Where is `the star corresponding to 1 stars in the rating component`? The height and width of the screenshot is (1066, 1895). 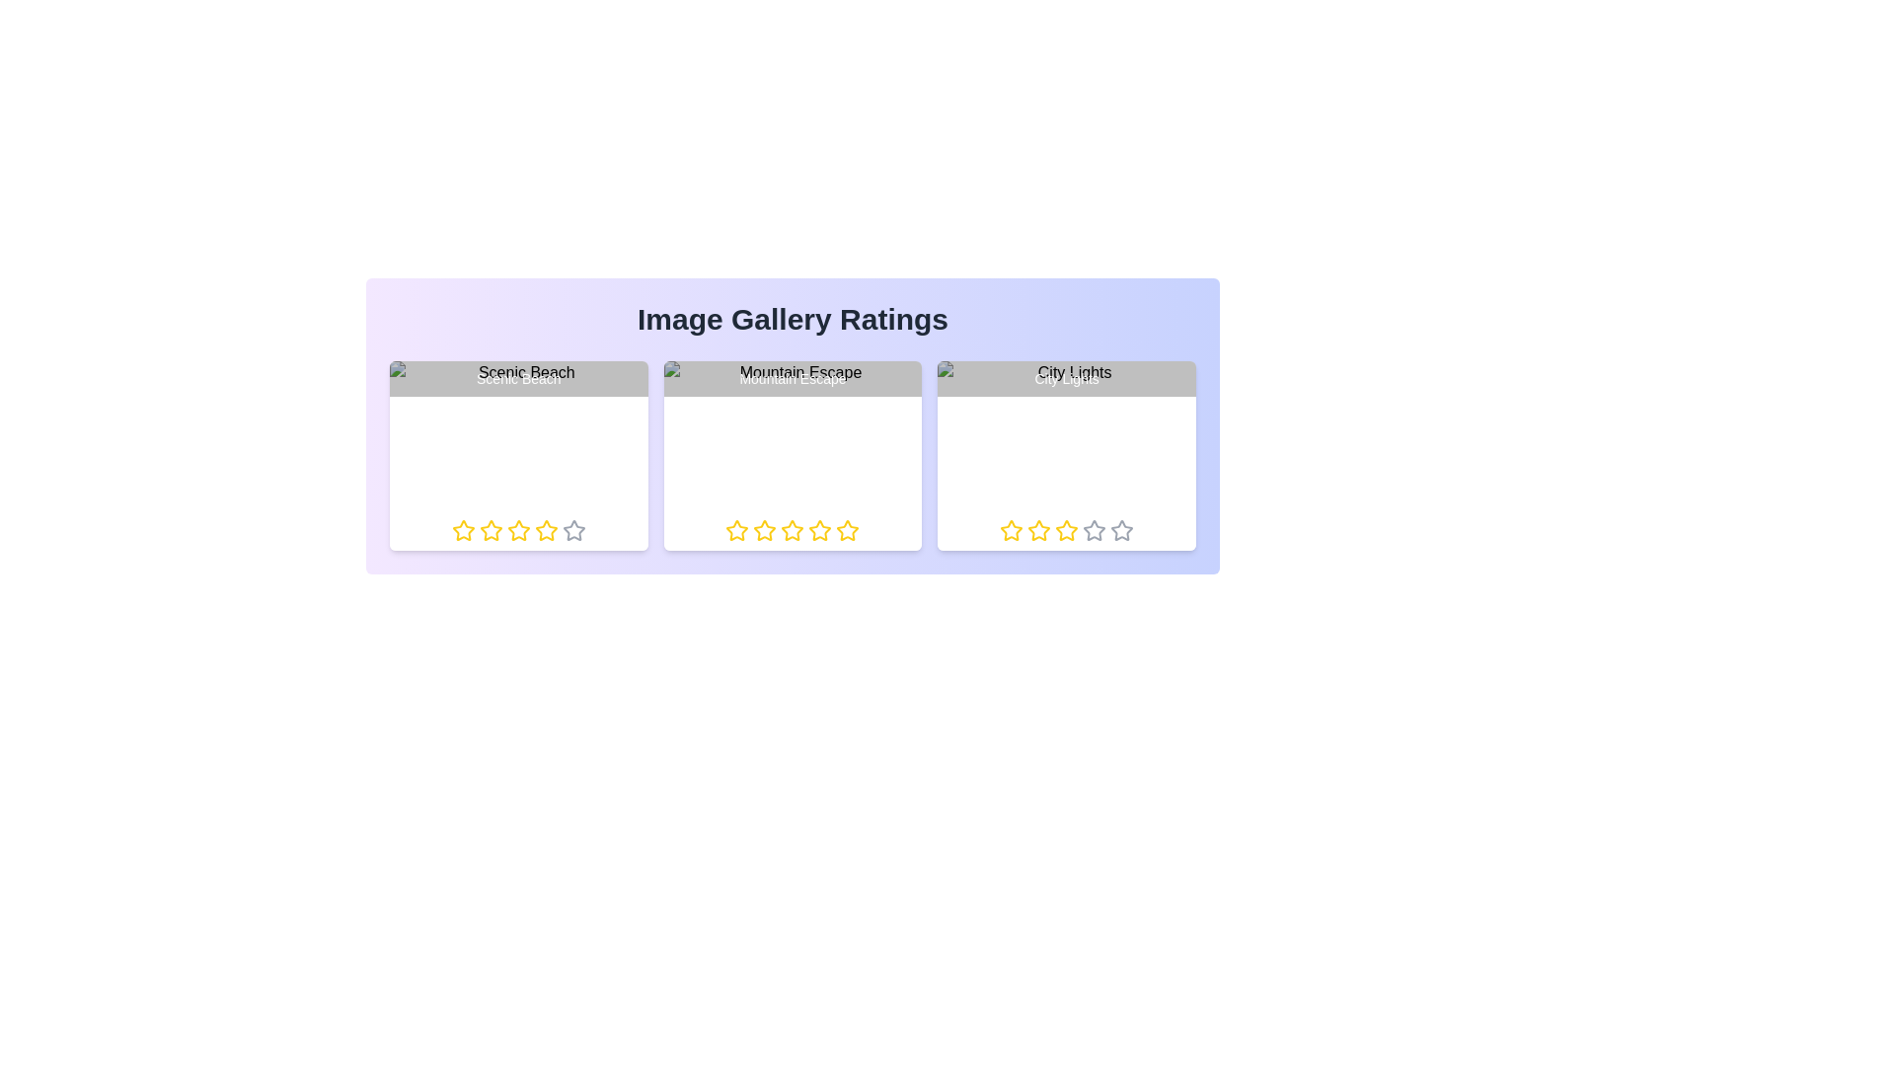
the star corresponding to 1 stars in the rating component is located at coordinates (462, 529).